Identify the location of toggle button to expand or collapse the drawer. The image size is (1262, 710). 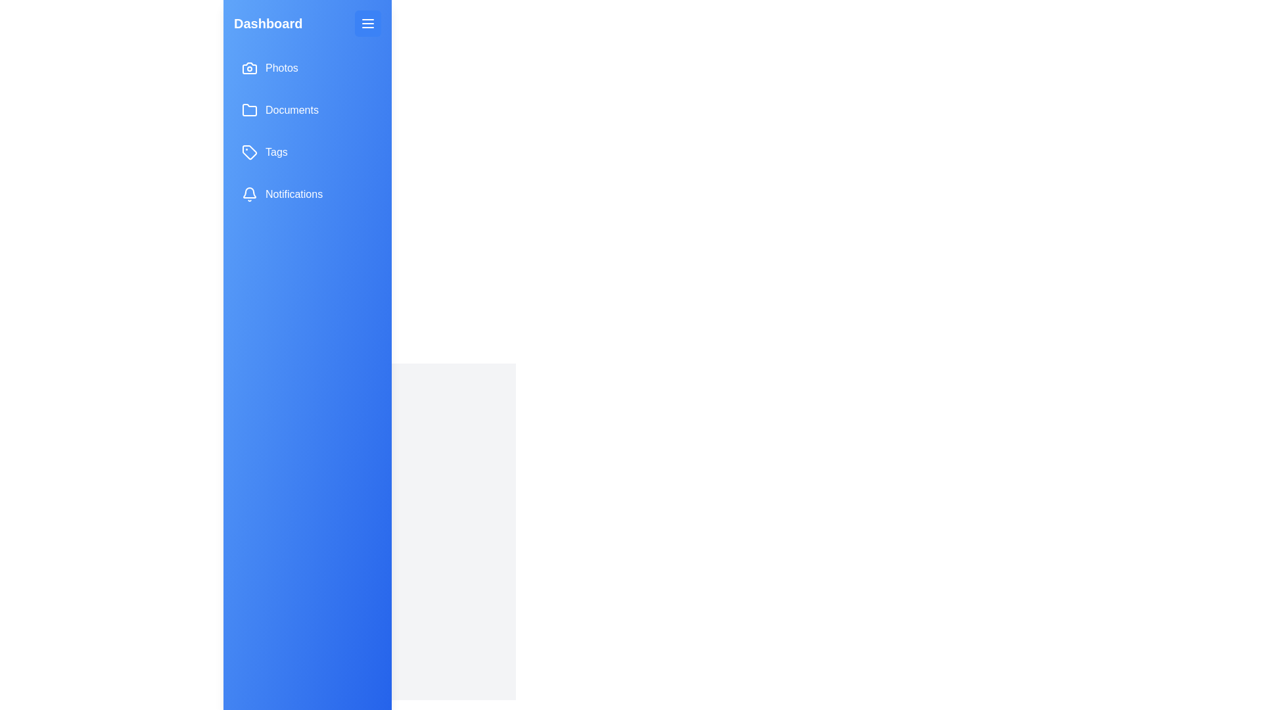
(368, 23).